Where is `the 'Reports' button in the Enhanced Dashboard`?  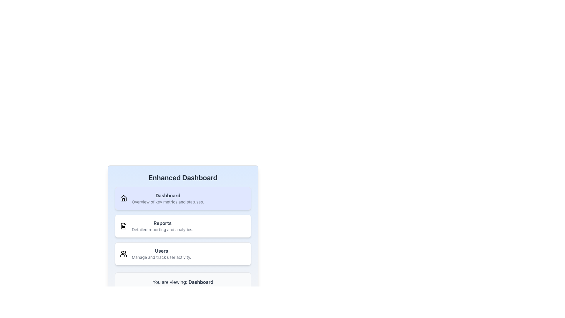
the 'Reports' button in the Enhanced Dashboard is located at coordinates (183, 232).